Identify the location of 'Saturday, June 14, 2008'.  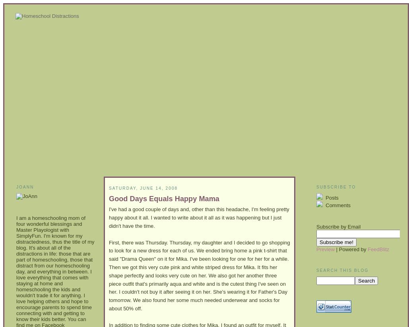
(143, 188).